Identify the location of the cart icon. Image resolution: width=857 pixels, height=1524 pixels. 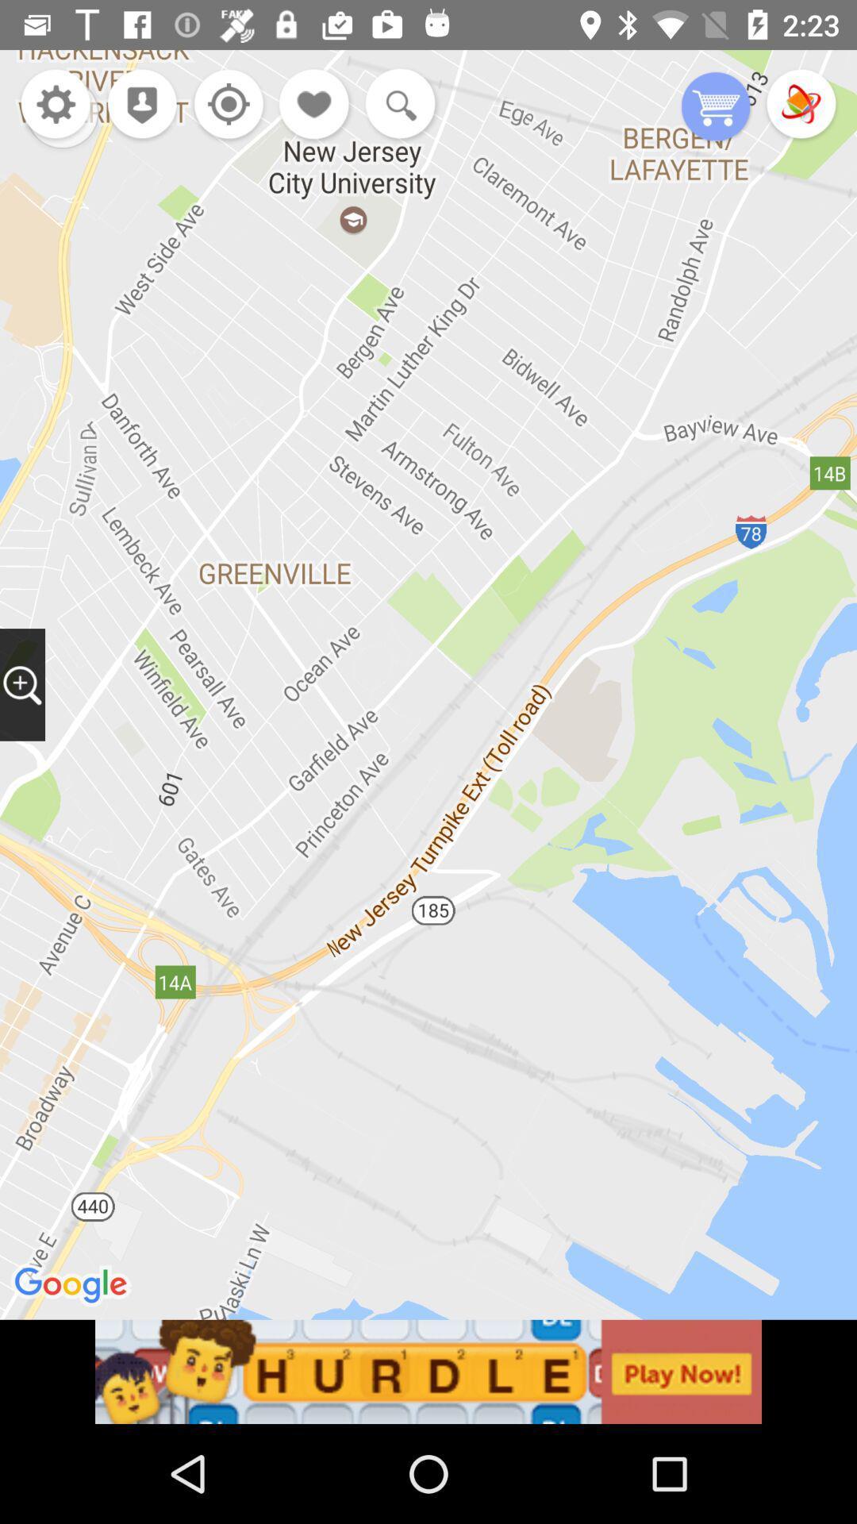
(716, 107).